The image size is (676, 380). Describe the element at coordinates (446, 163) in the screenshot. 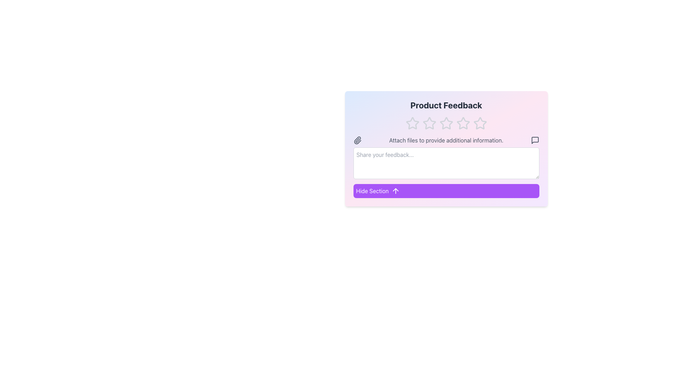

I see `the textarea to focus and enable typing for user feedback input` at that location.